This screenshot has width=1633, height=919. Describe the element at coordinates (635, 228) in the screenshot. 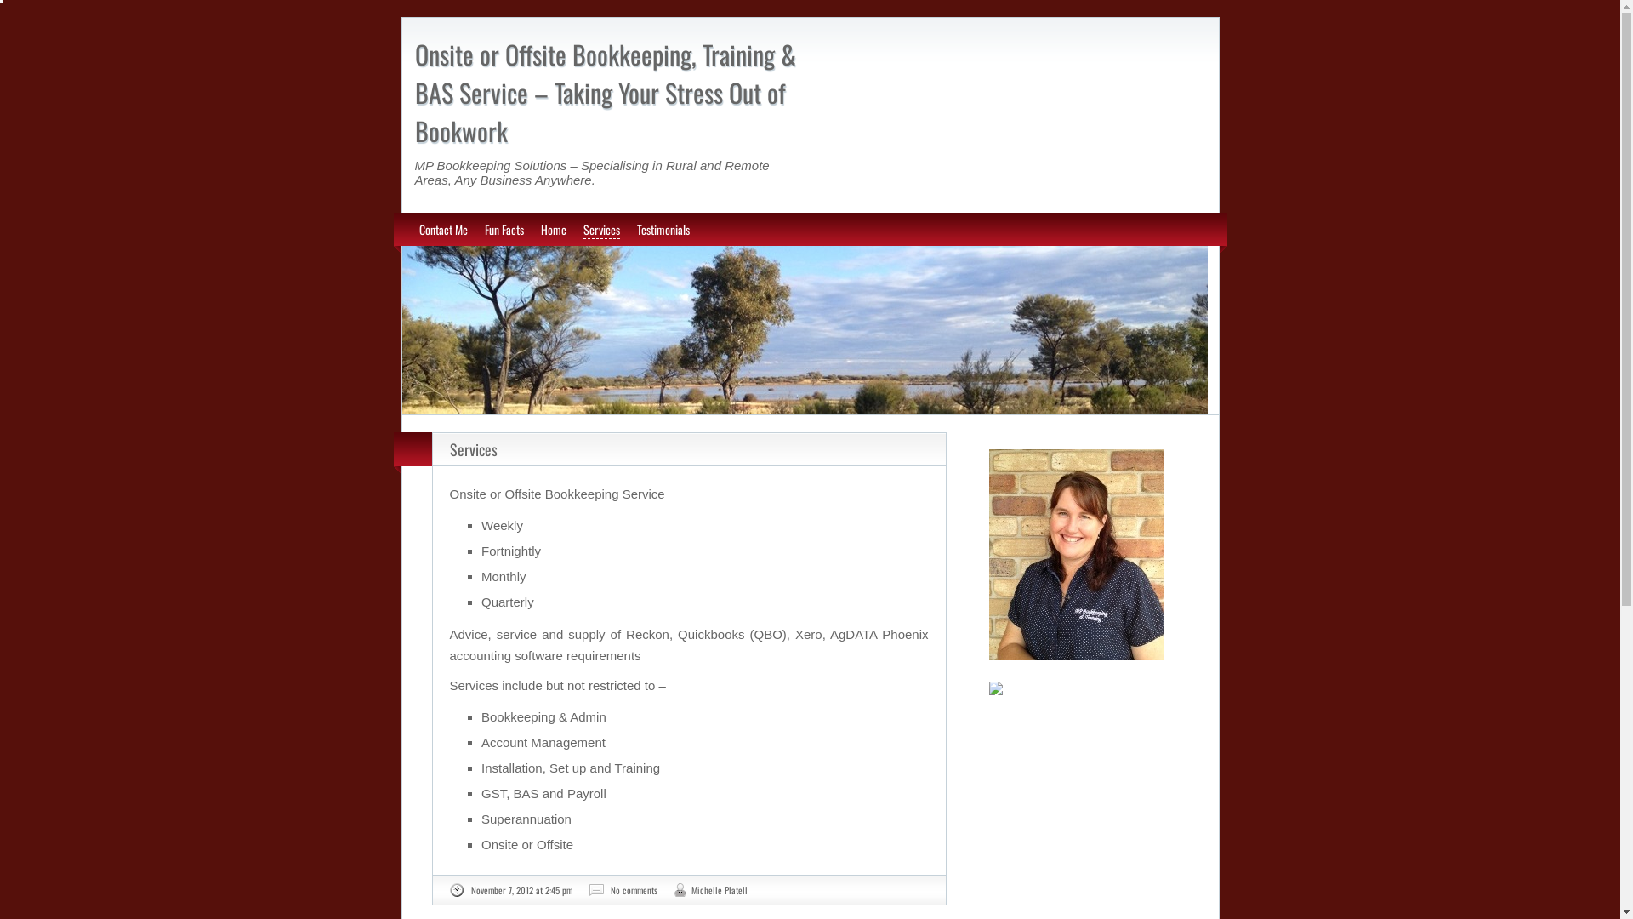

I see `'Testimonials'` at that location.